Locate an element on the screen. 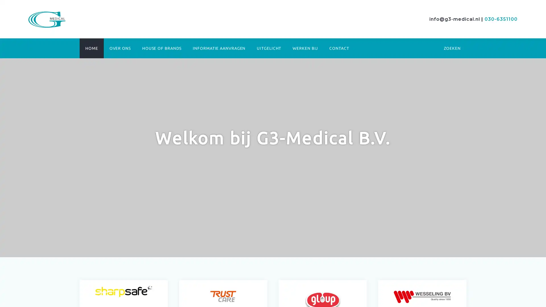 This screenshot has width=546, height=307. Zoeken is located at coordinates (401, 75).